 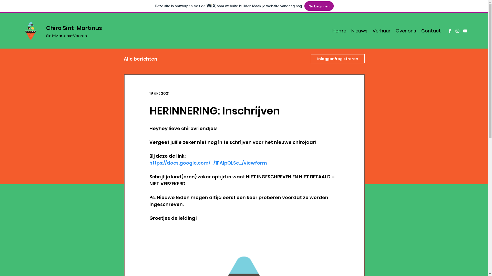 What do you see at coordinates (430, 31) in the screenshot?
I see `'Contact'` at bounding box center [430, 31].